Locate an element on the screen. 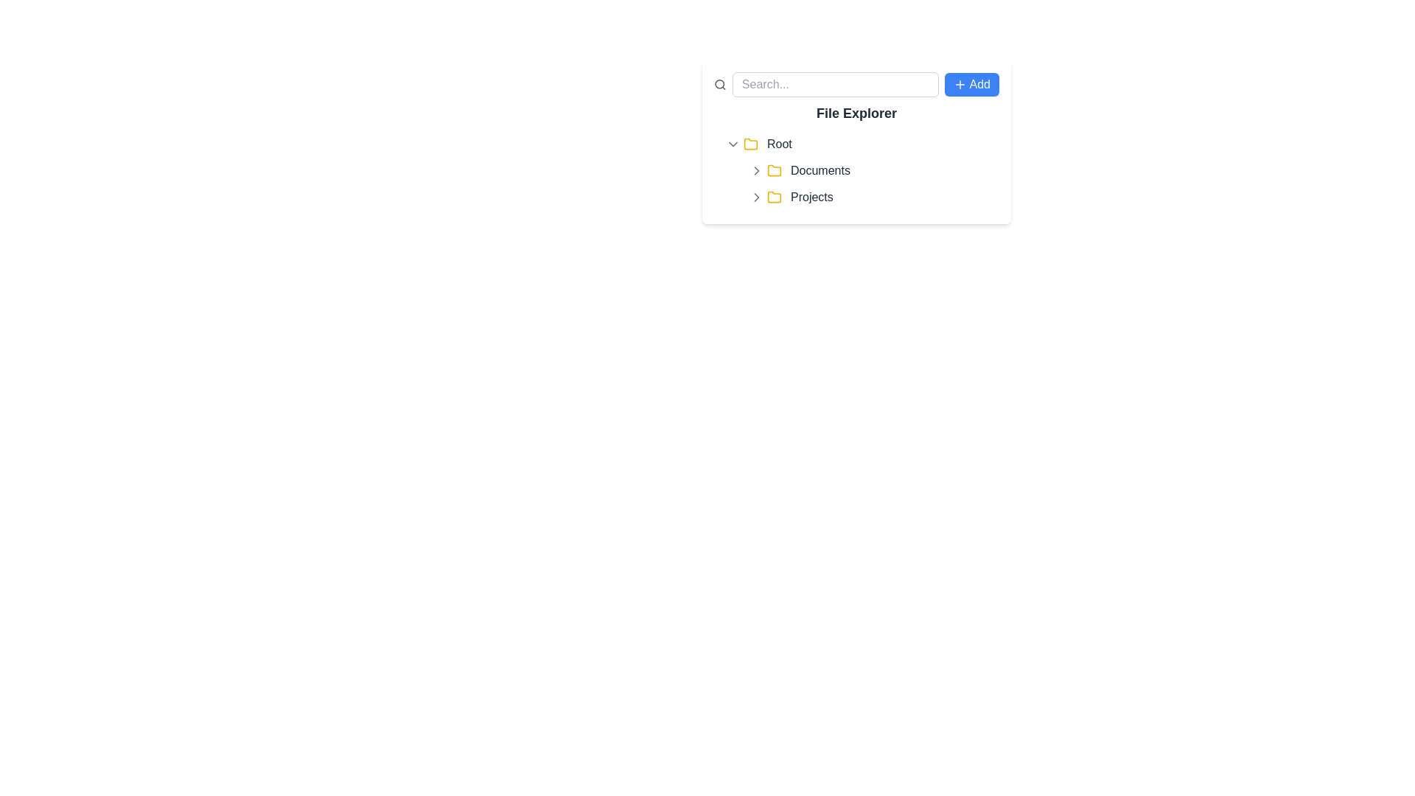 The width and height of the screenshot is (1415, 796). the 'Projects' label located under the 'Documents' folder in the file explorer is located at coordinates (811, 196).